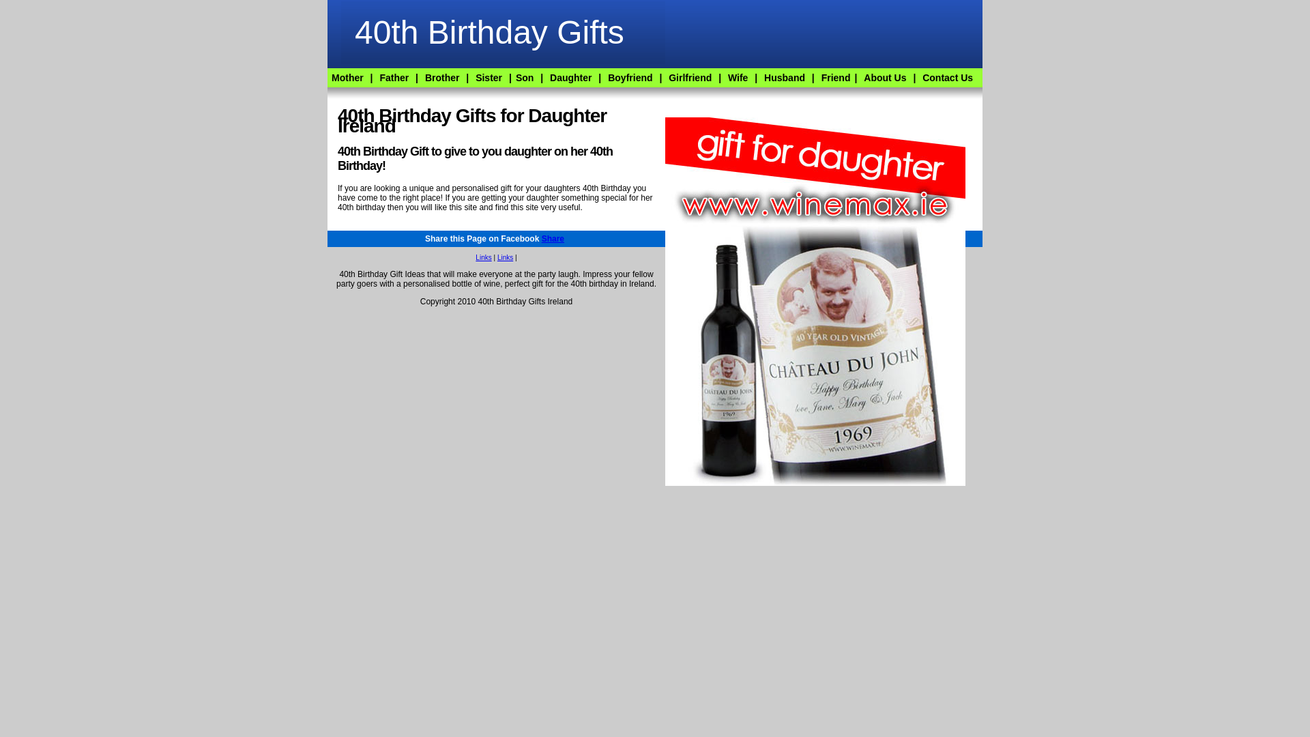 Image resolution: width=1310 pixels, height=737 pixels. What do you see at coordinates (523, 78) in the screenshot?
I see `'Son'` at bounding box center [523, 78].